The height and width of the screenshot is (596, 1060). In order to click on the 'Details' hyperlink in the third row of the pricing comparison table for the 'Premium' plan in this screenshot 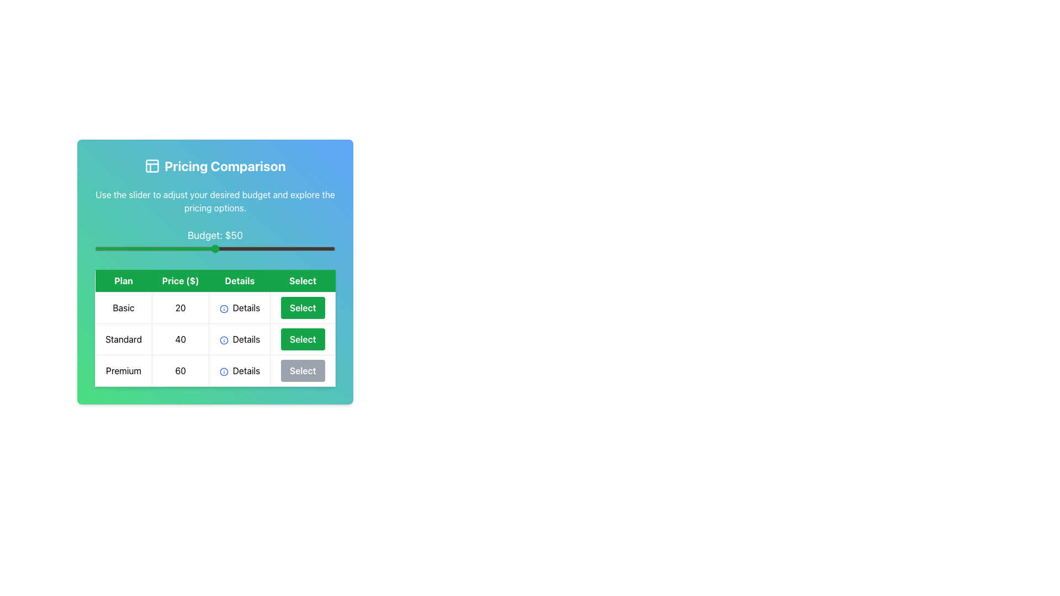, I will do `click(215, 370)`.